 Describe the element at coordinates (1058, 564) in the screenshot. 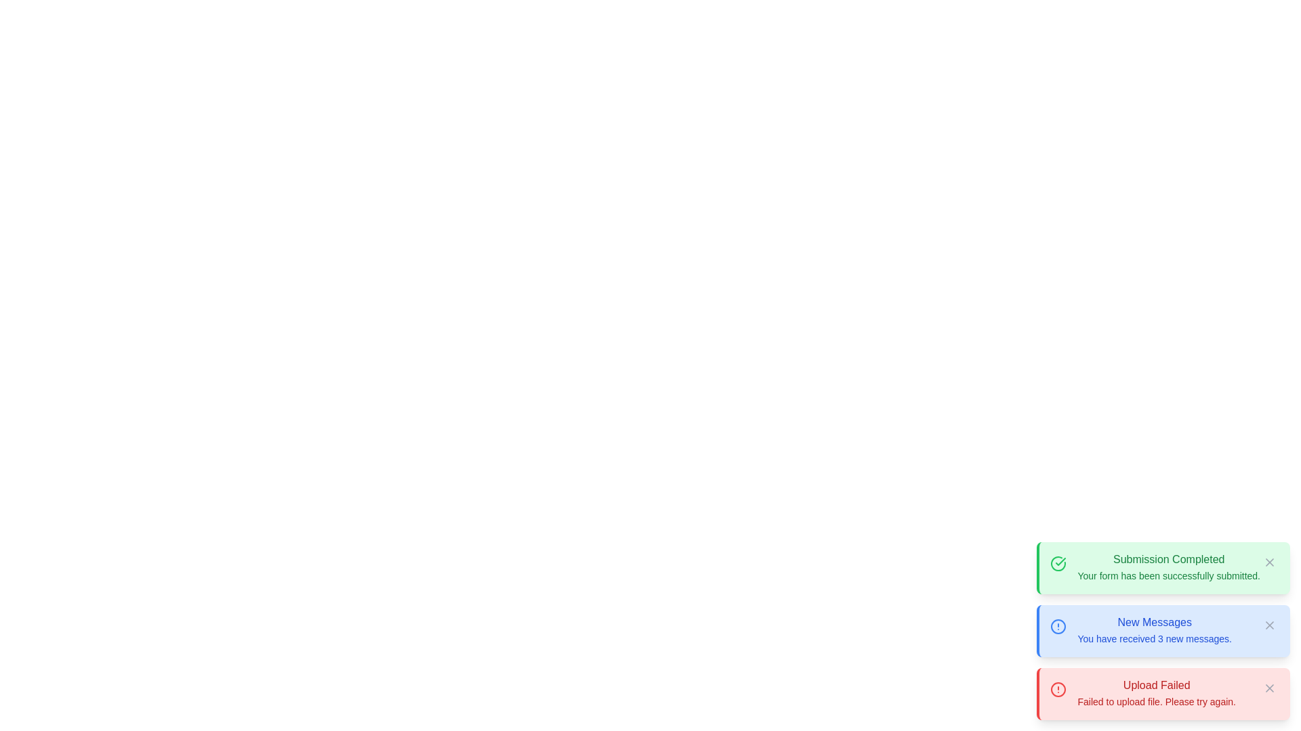

I see `the status indicator icon located to the left of the text in the green message box titled 'Submission Completed.'` at that location.